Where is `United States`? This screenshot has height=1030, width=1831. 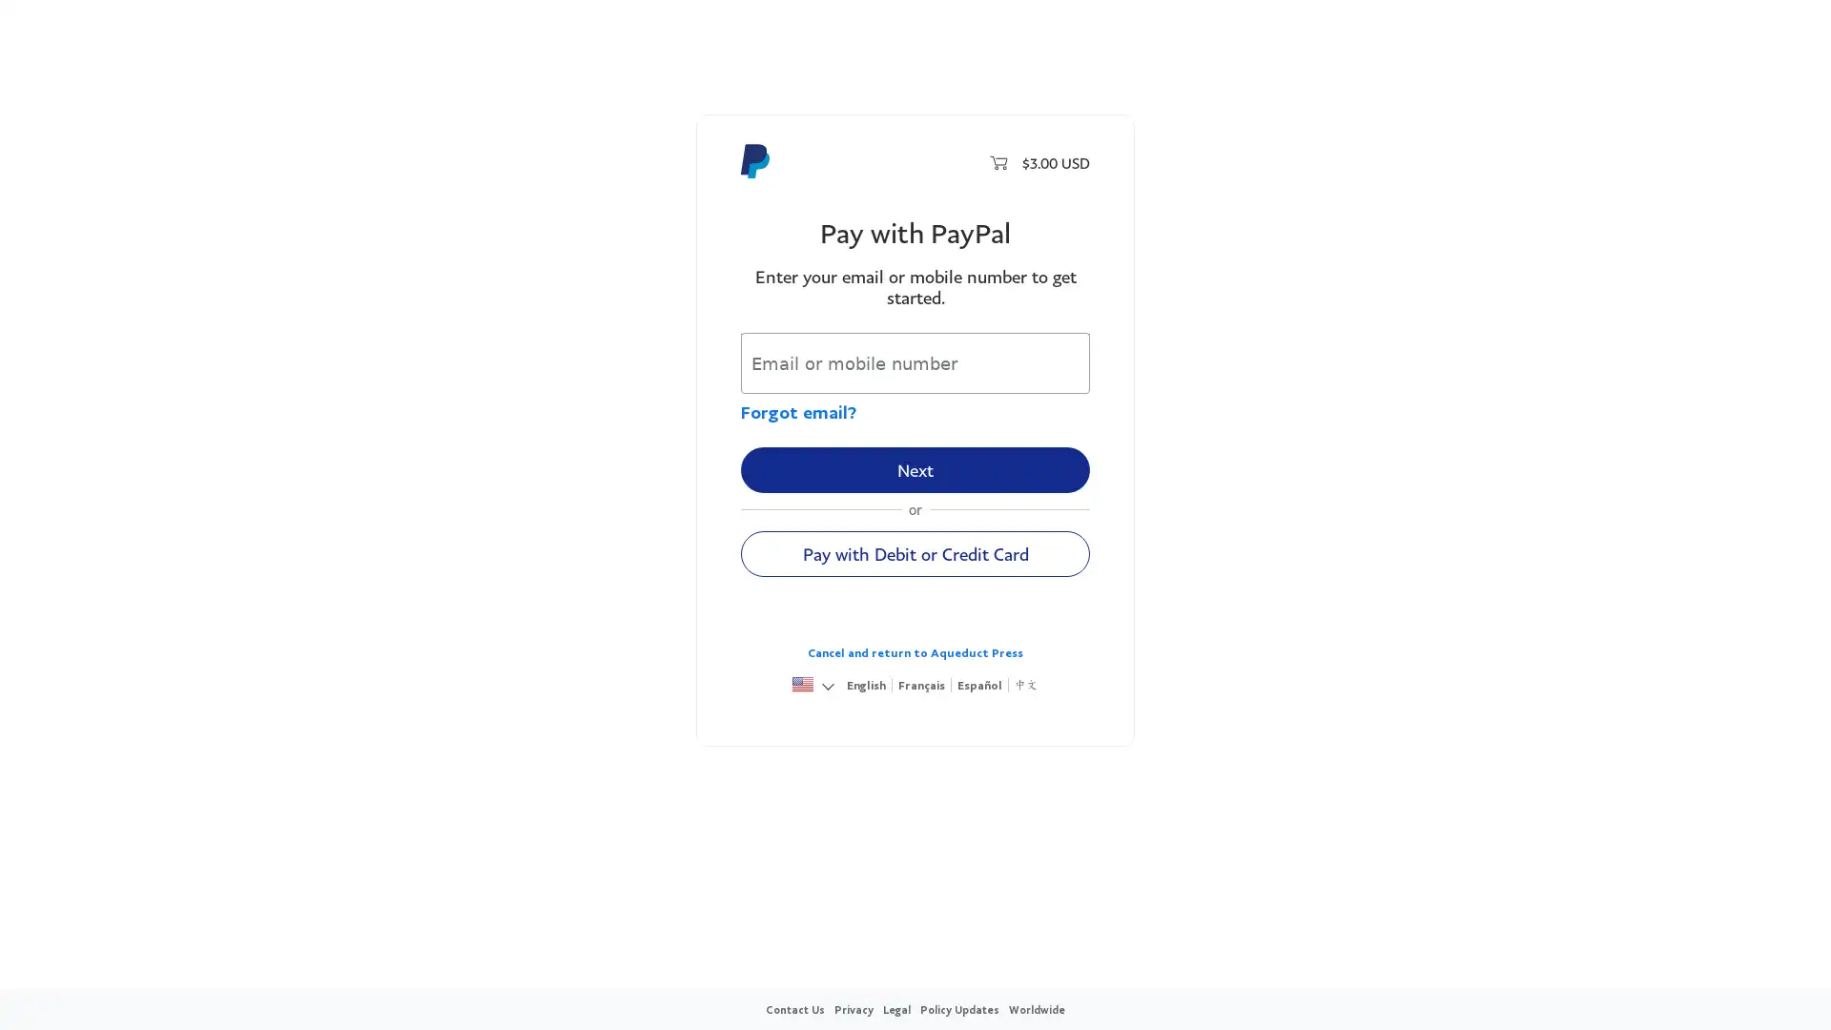
United States is located at coordinates (802, 687).